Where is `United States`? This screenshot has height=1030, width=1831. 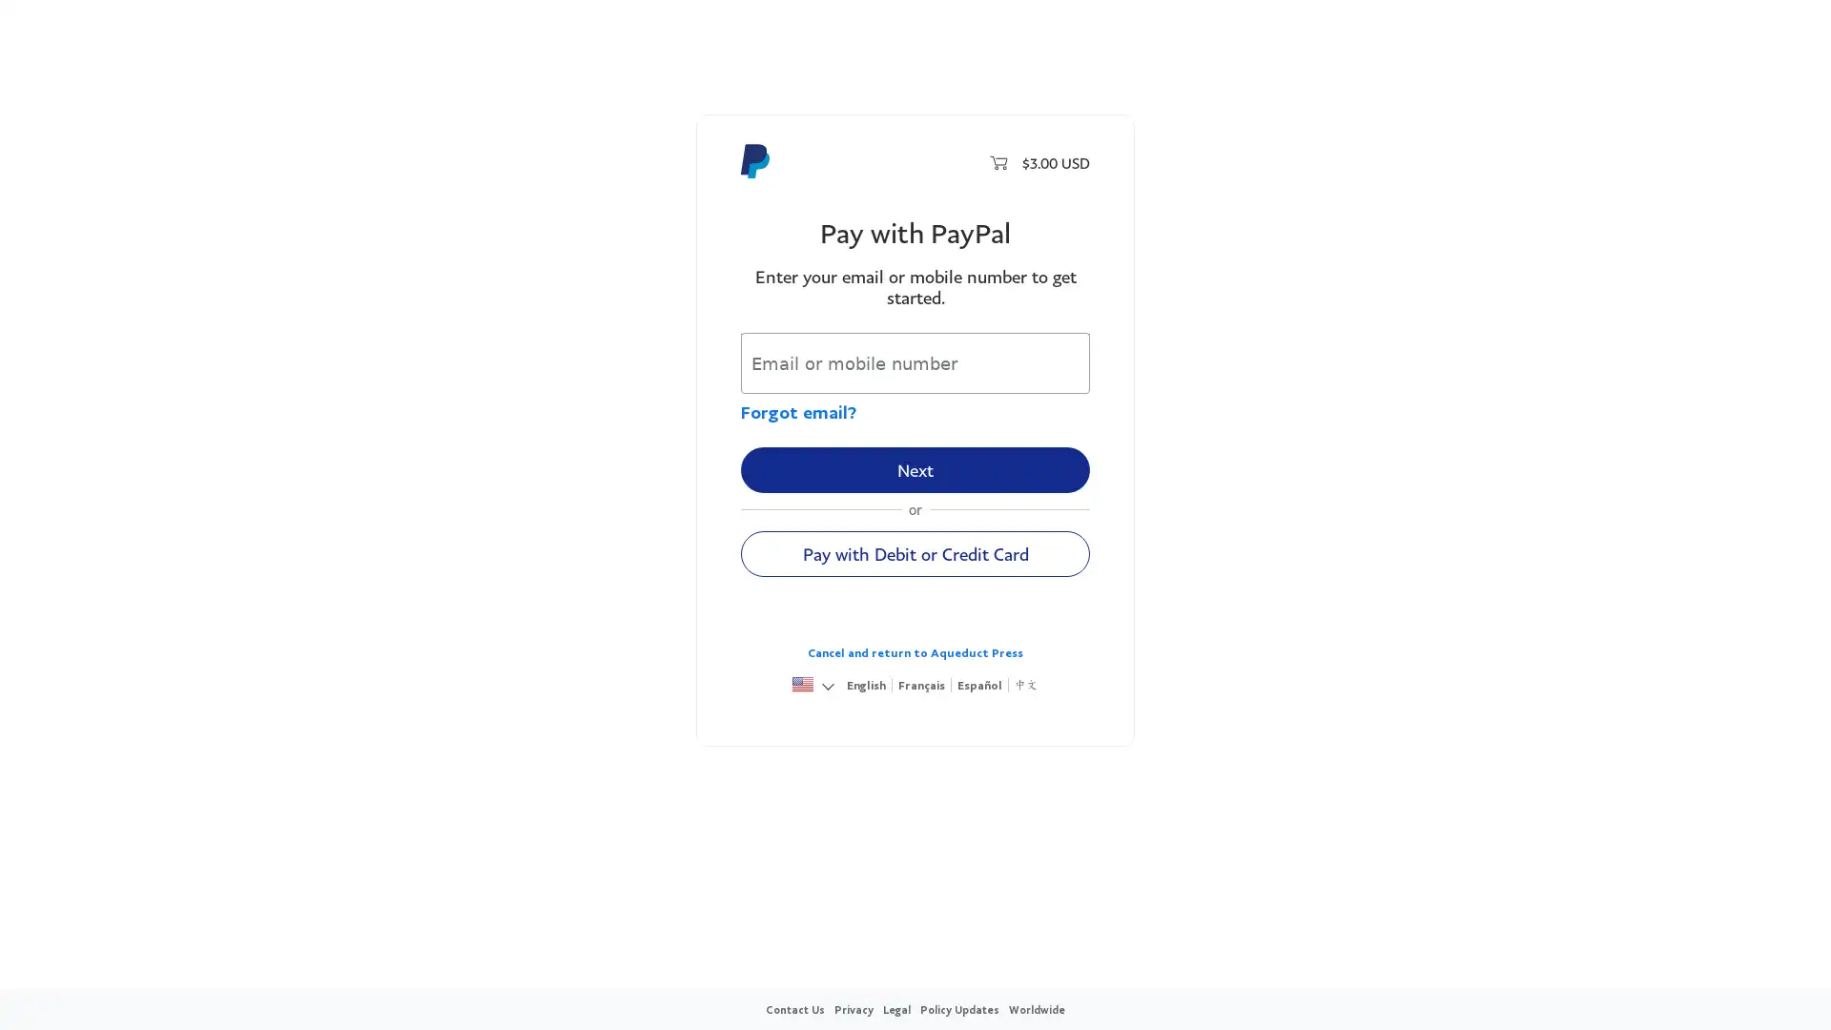
United States is located at coordinates (802, 687).